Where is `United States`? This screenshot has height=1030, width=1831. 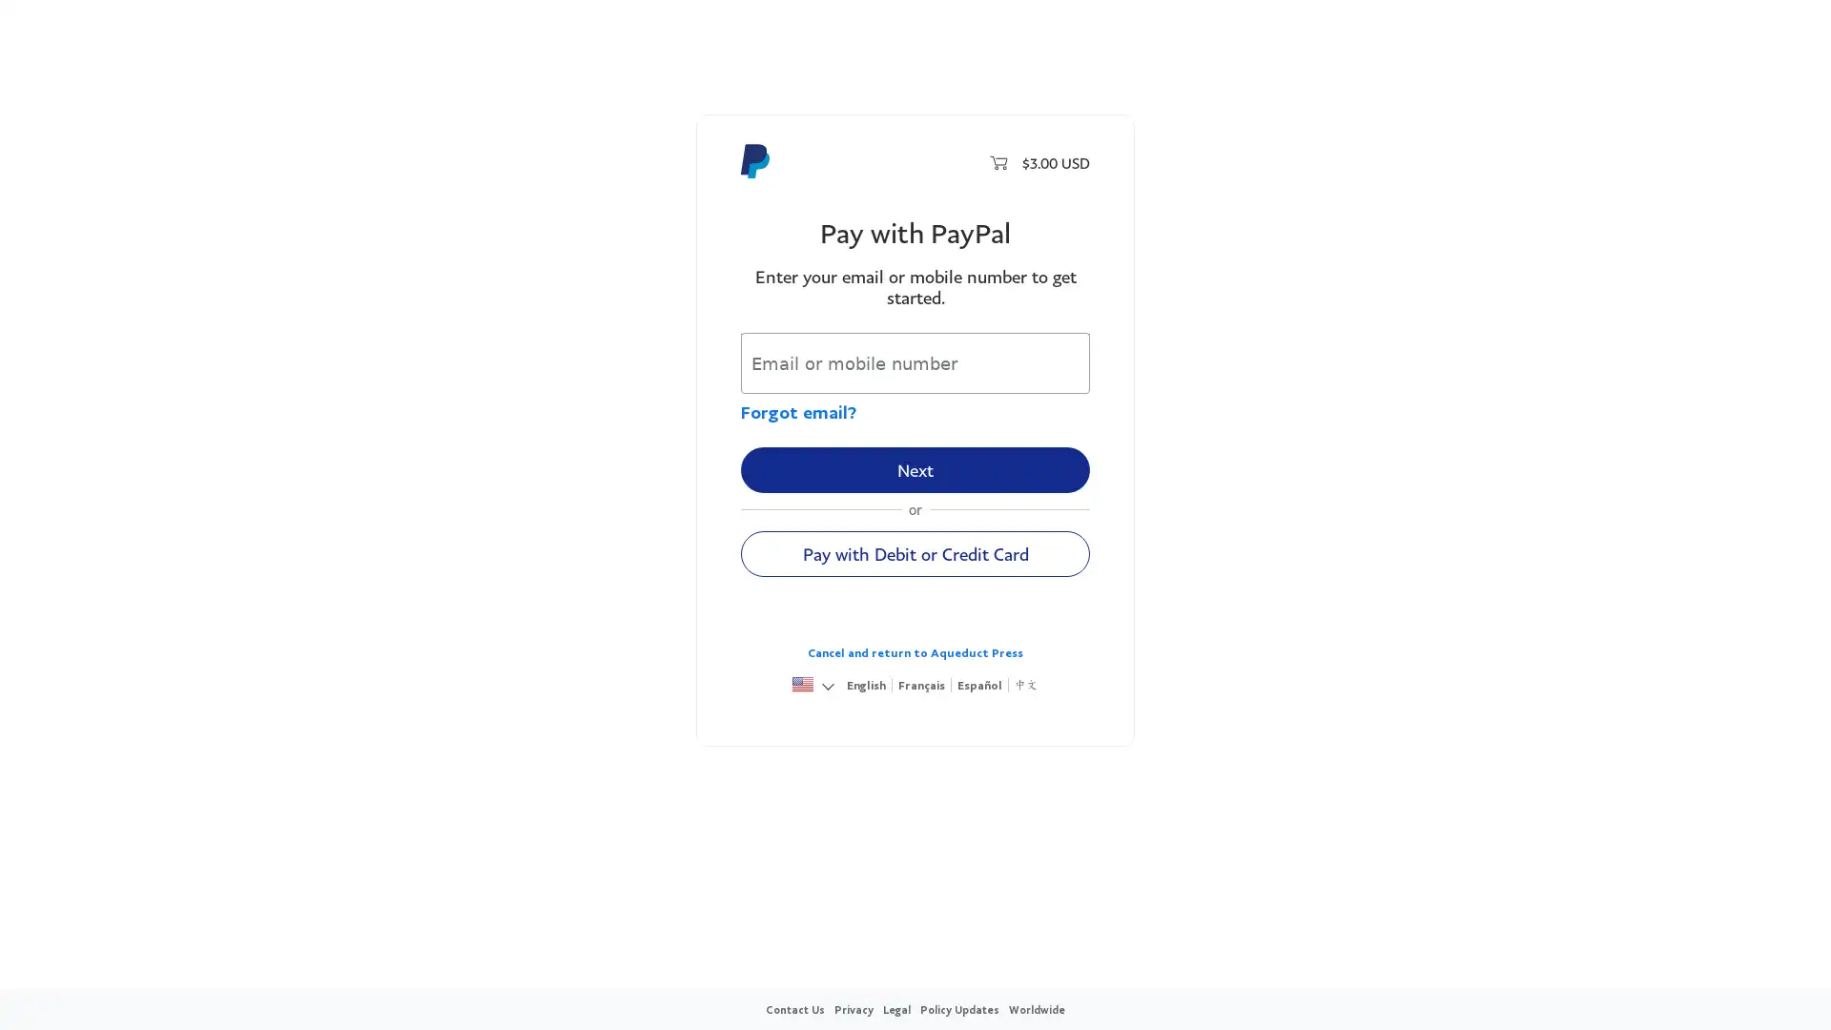
United States is located at coordinates (802, 687).